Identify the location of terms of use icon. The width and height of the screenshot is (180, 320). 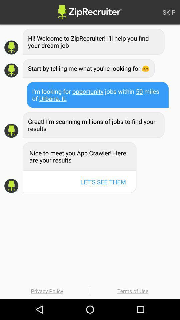
(133, 291).